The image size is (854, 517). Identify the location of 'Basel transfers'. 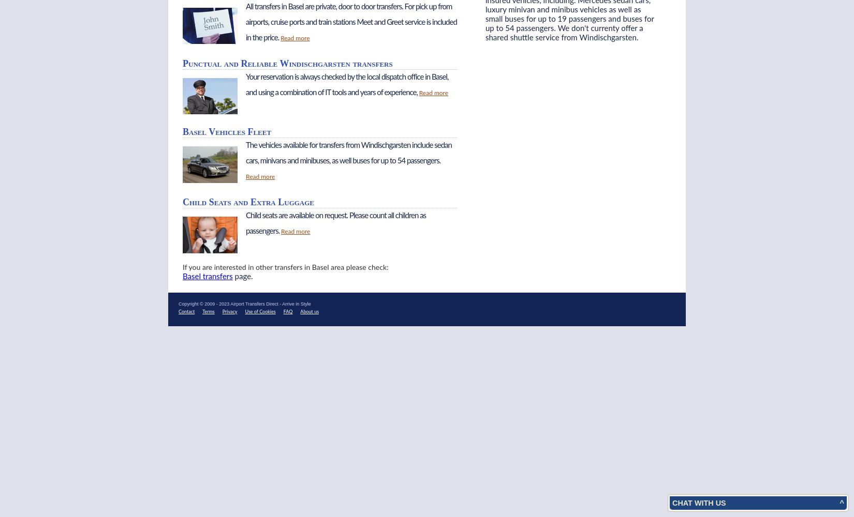
(207, 276).